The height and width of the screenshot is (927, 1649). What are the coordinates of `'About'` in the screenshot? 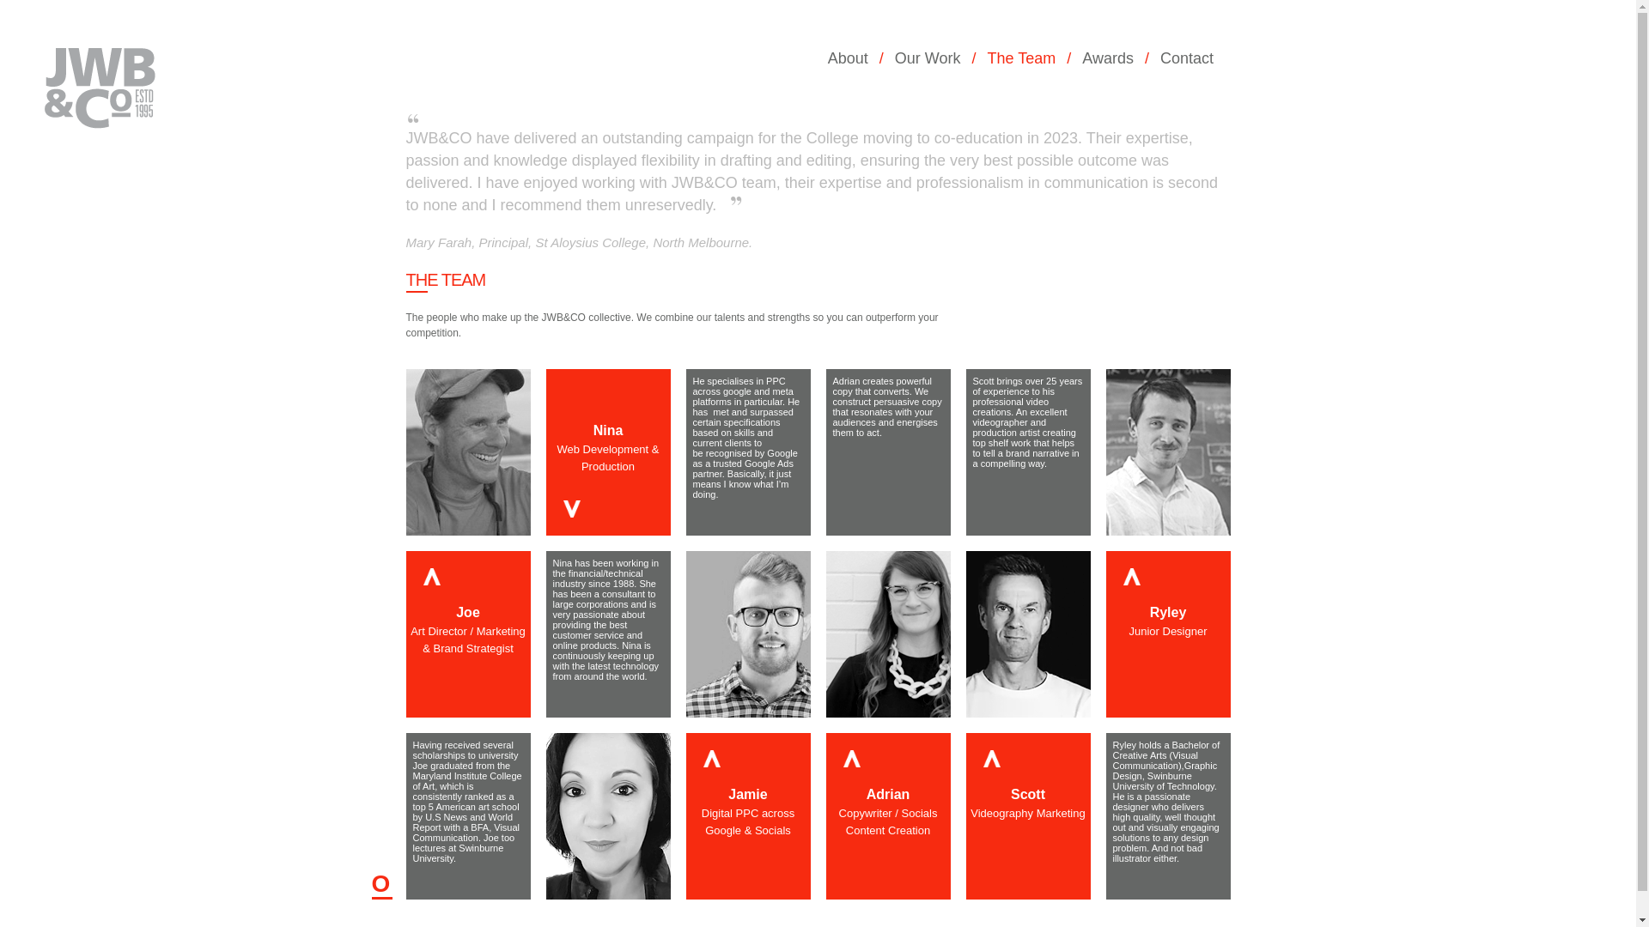 It's located at (853, 58).